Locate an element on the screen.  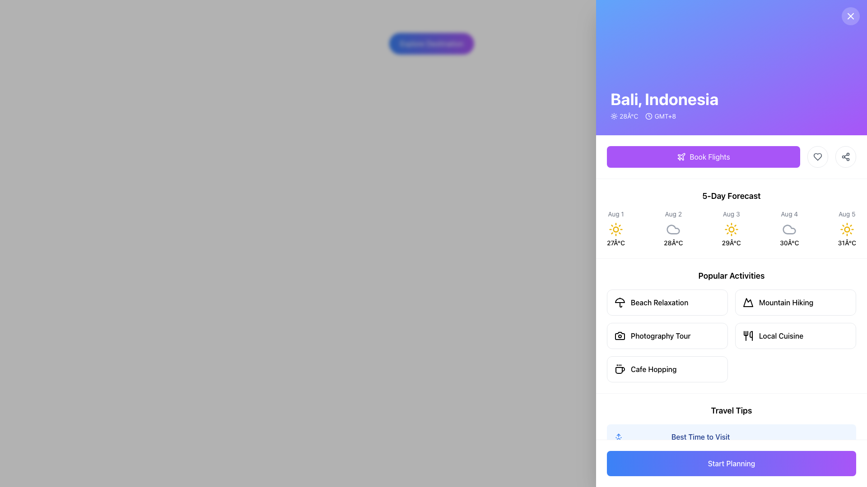
the text label displaying the temperature '29°C' in the weather forecast section, positioned under 'Aug 3' is located at coordinates (731, 243).